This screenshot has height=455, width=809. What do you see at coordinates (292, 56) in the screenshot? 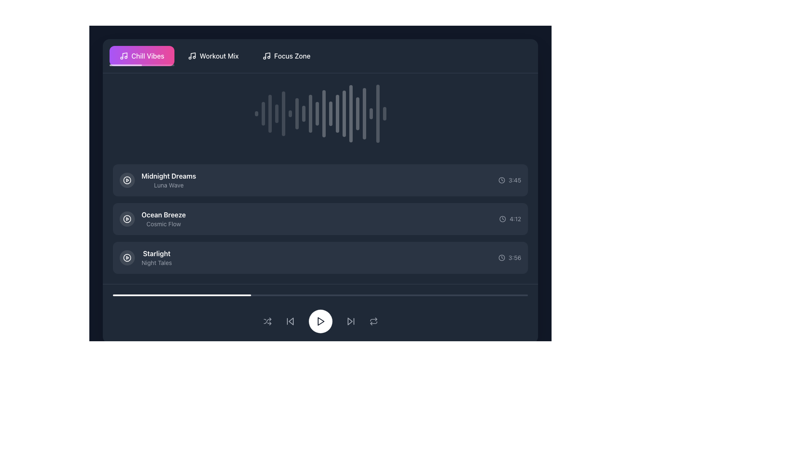
I see `the 'Focus Zone' text label in the navigation bar` at bounding box center [292, 56].